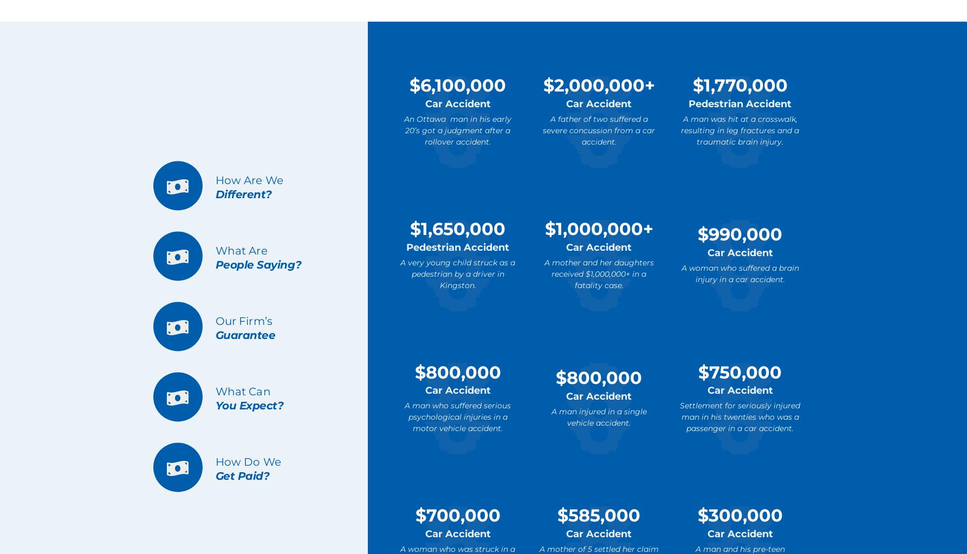 This screenshot has width=967, height=554. What do you see at coordinates (740, 129) in the screenshot?
I see `'A man was hit at a crosswalk, resulting in leg fractures and a traumatic brain injury.'` at bounding box center [740, 129].